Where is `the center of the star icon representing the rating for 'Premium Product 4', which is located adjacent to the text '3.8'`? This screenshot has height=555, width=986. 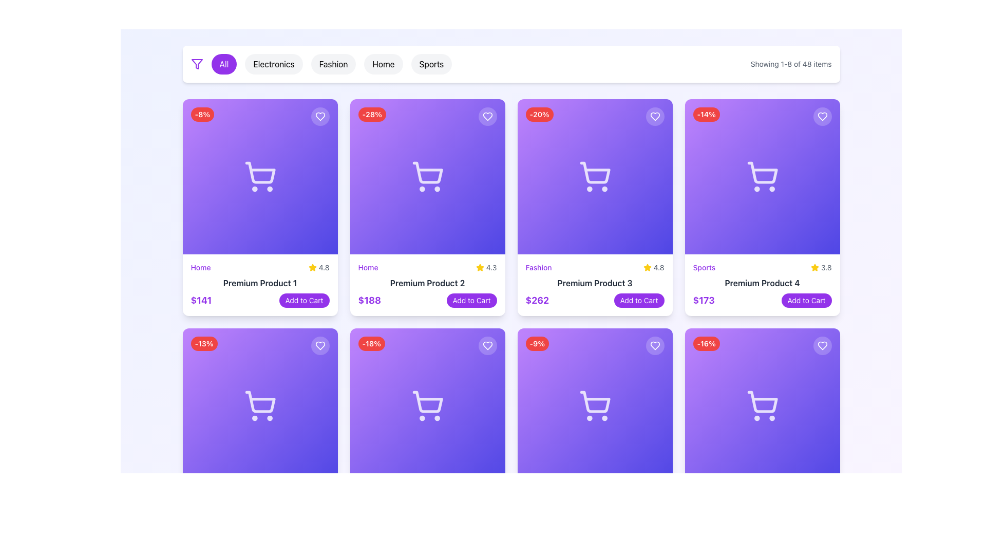
the center of the star icon representing the rating for 'Premium Product 4', which is located adjacent to the text '3.8' is located at coordinates (814, 267).